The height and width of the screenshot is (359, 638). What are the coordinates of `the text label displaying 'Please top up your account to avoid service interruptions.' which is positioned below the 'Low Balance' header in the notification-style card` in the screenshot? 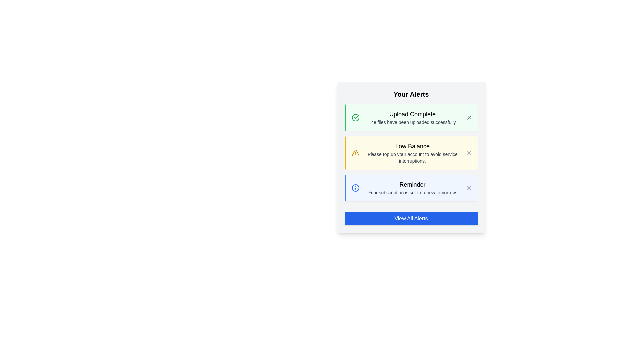 It's located at (412, 158).